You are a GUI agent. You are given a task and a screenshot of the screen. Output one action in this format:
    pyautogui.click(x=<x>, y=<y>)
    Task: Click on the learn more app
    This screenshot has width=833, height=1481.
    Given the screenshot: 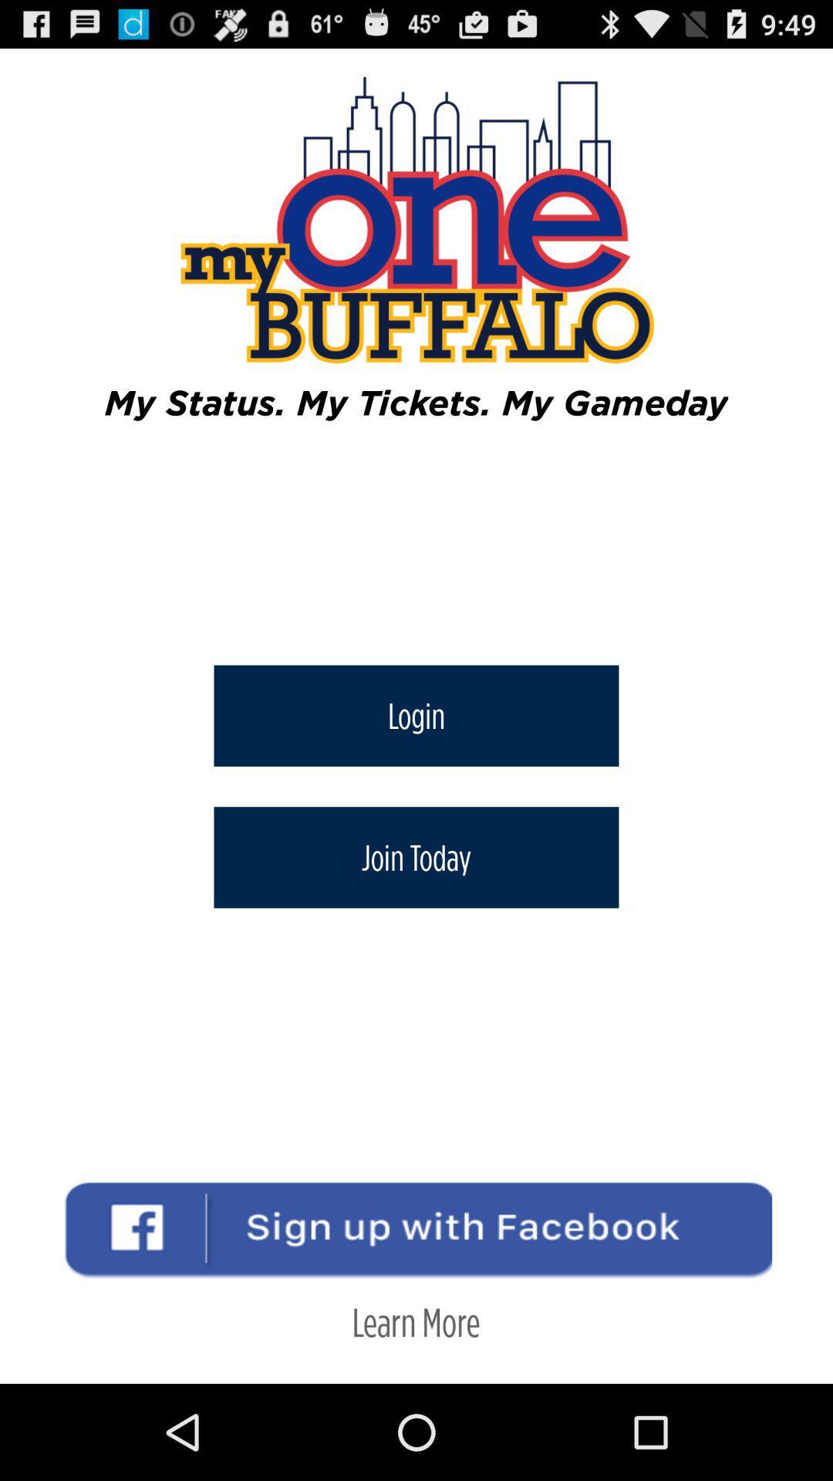 What is the action you would take?
    pyautogui.click(x=415, y=1321)
    